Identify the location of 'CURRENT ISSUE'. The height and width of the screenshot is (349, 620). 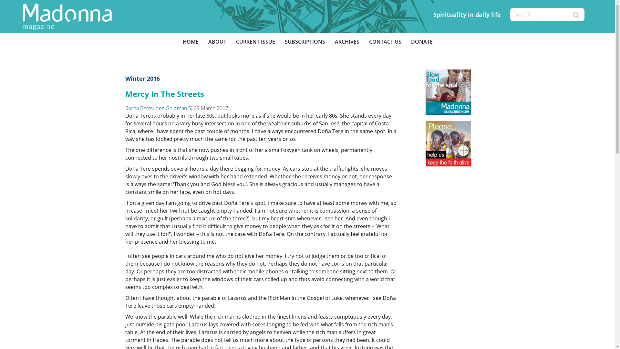
(231, 41).